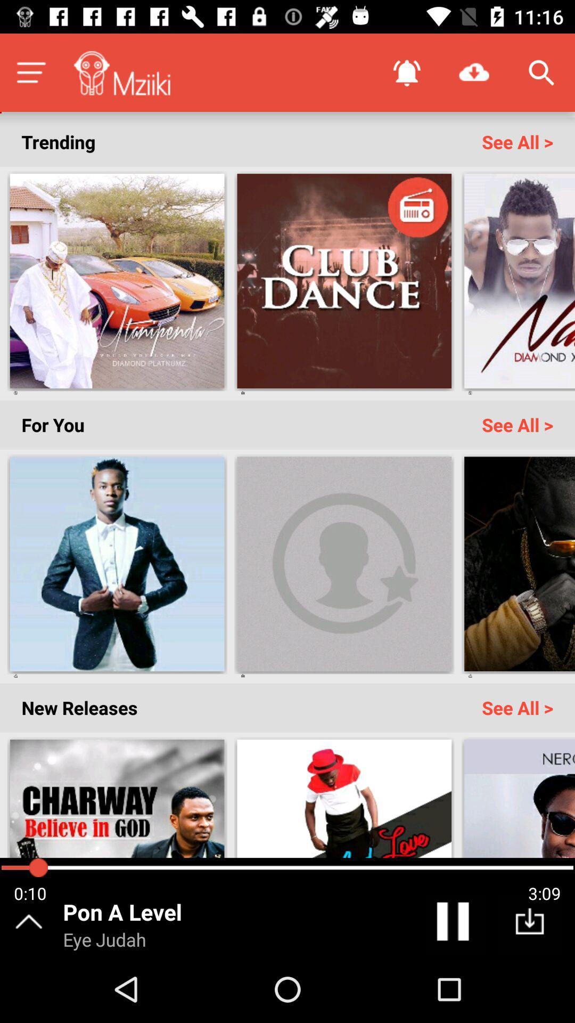  What do you see at coordinates (30, 72) in the screenshot?
I see `show playlist` at bounding box center [30, 72].